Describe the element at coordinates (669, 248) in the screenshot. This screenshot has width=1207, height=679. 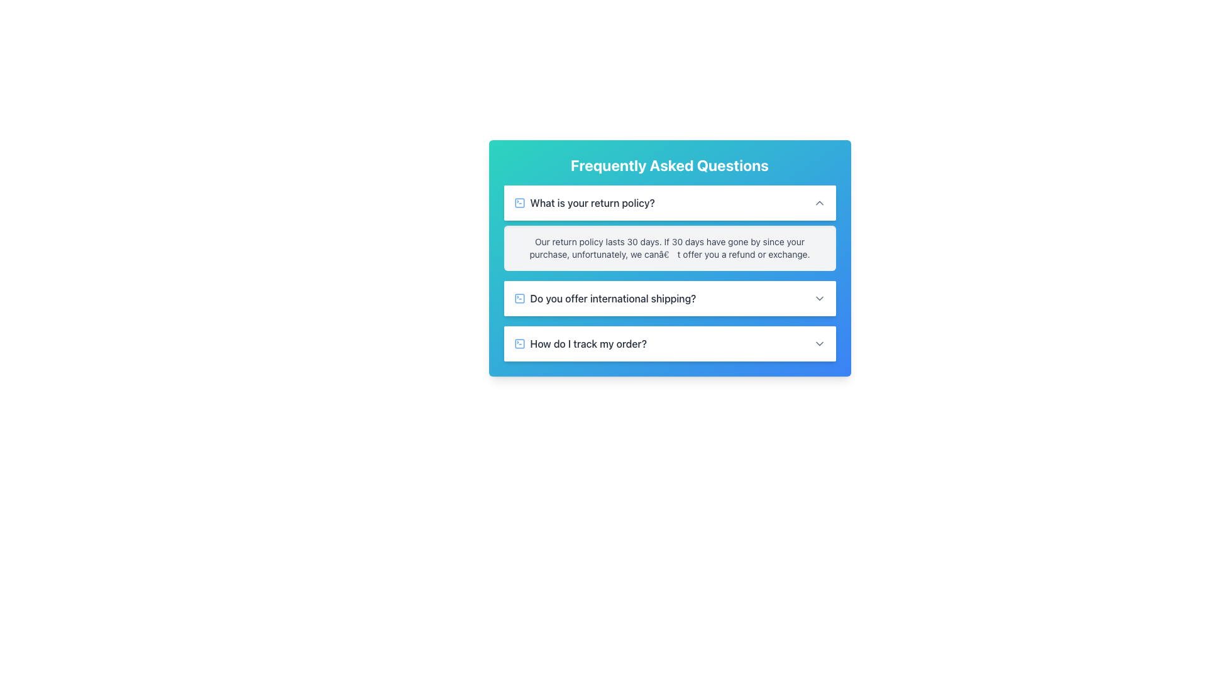
I see `the Static Text Block that contains the text: 'Our return policy lasts 30 days. If 30 days have gone by since your purchase, unfortunately, we can’t offer you a refund or exchange.' located under the question 'What is your return policy?' in the FAQ section` at that location.